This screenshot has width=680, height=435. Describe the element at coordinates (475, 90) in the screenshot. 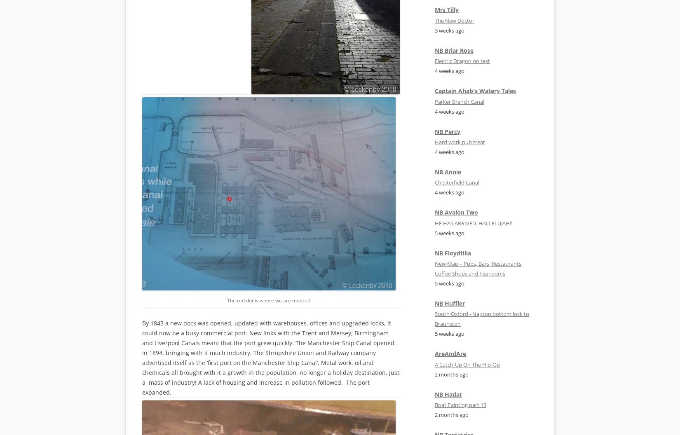

I see `'Captain Ahab's Watery Tales'` at that location.